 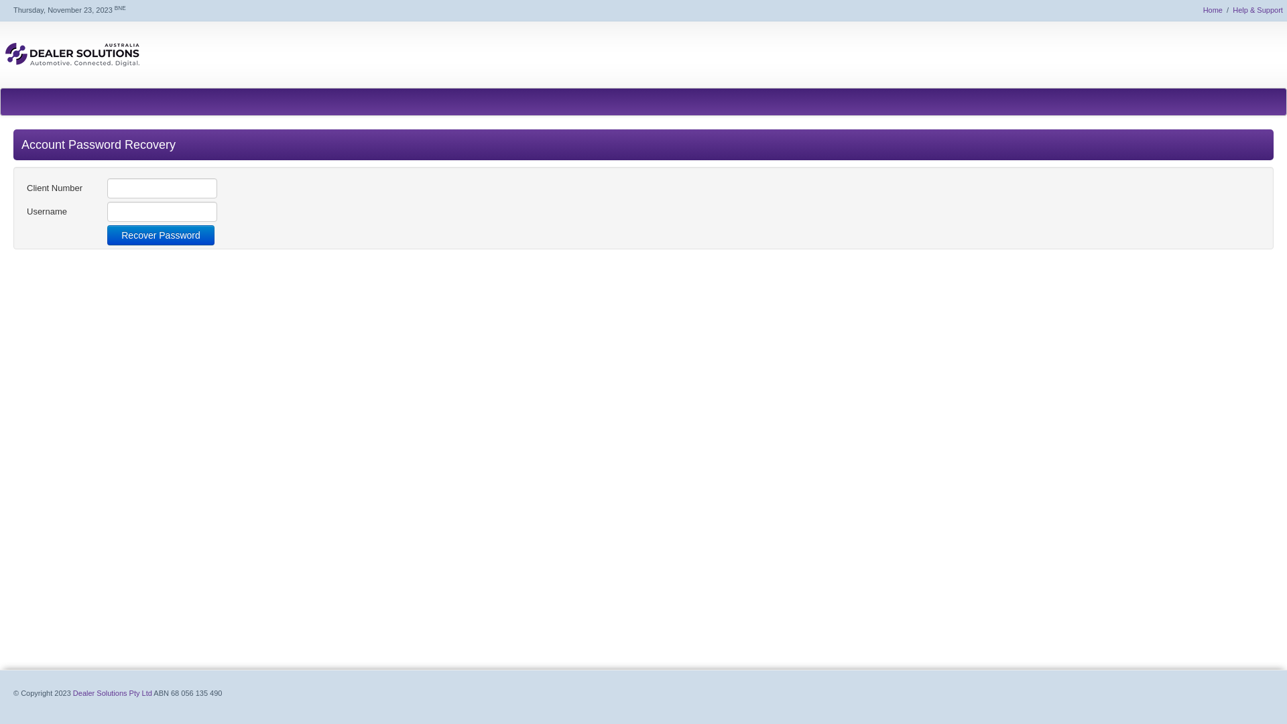 I want to click on 'Recover Password', so click(x=161, y=235).